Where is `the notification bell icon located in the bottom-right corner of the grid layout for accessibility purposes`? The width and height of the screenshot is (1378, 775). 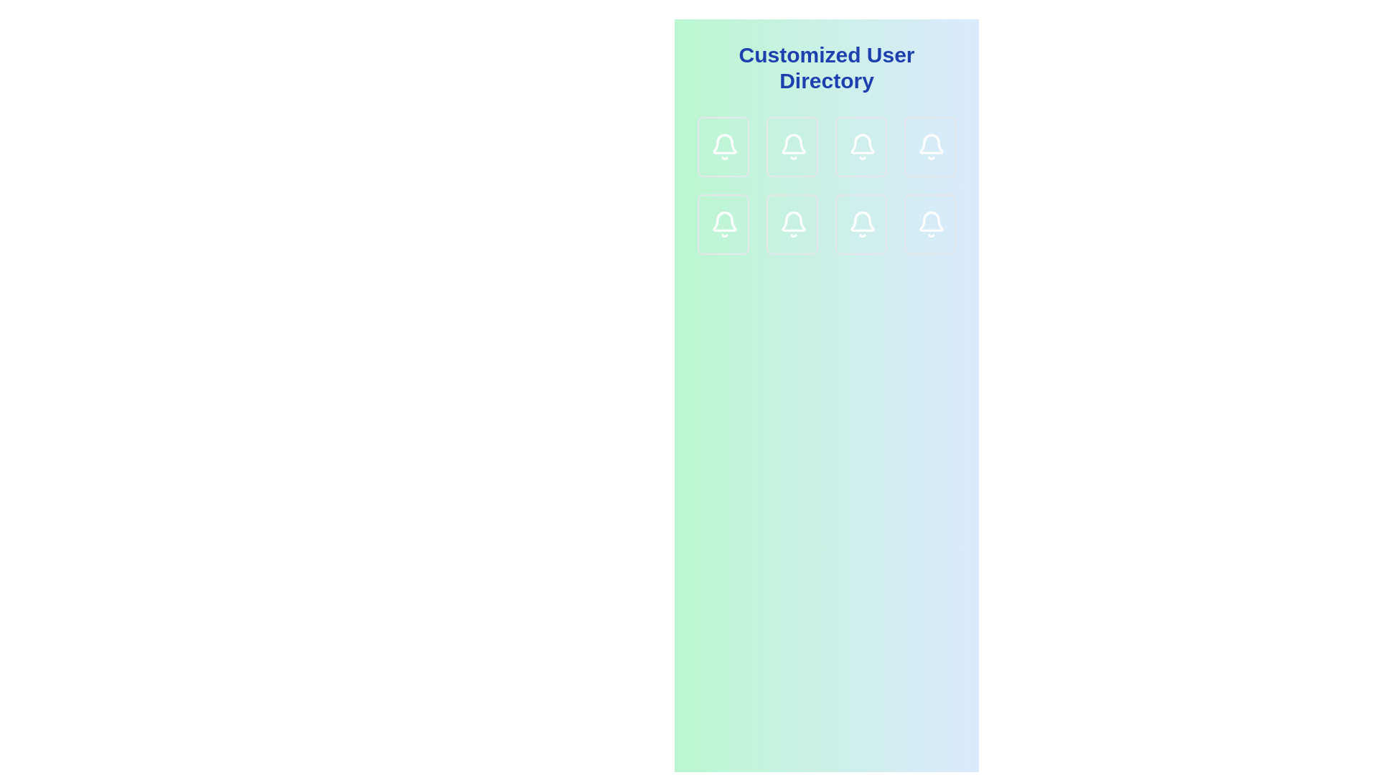
the notification bell icon located in the bottom-right corner of the grid layout for accessibility purposes is located at coordinates (931, 224).